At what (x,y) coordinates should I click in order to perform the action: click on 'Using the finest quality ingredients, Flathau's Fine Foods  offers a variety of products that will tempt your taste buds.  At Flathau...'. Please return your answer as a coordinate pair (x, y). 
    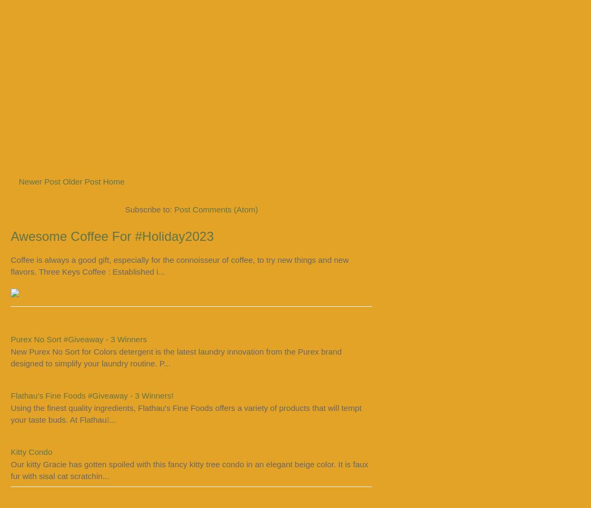
    Looking at the image, I should click on (185, 413).